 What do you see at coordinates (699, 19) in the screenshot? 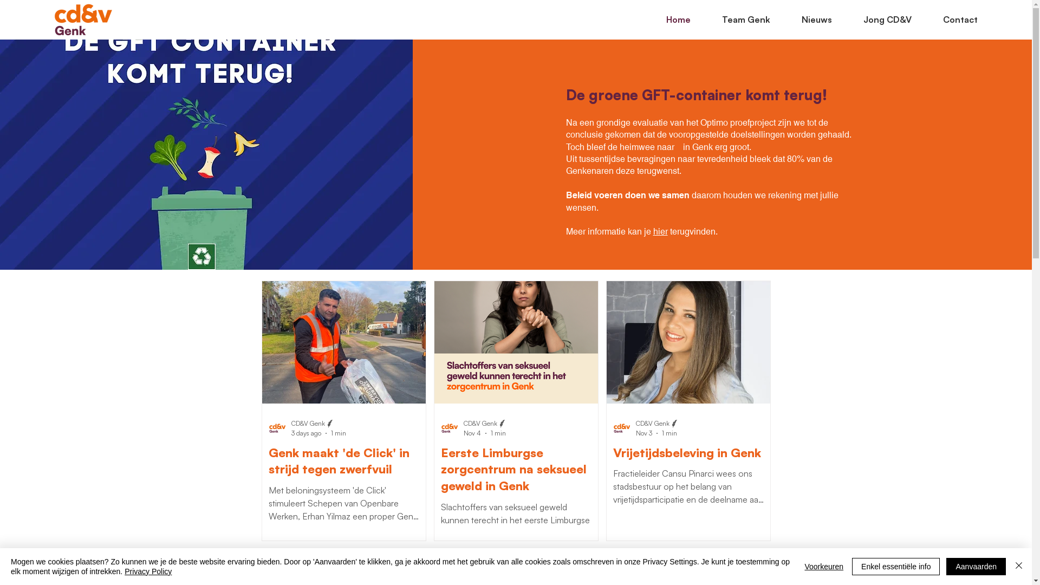
I see `'Team Genk'` at bounding box center [699, 19].